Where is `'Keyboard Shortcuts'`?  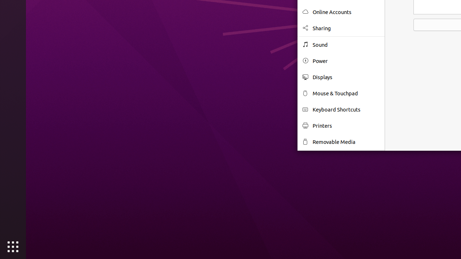 'Keyboard Shortcuts' is located at coordinates (346, 109).